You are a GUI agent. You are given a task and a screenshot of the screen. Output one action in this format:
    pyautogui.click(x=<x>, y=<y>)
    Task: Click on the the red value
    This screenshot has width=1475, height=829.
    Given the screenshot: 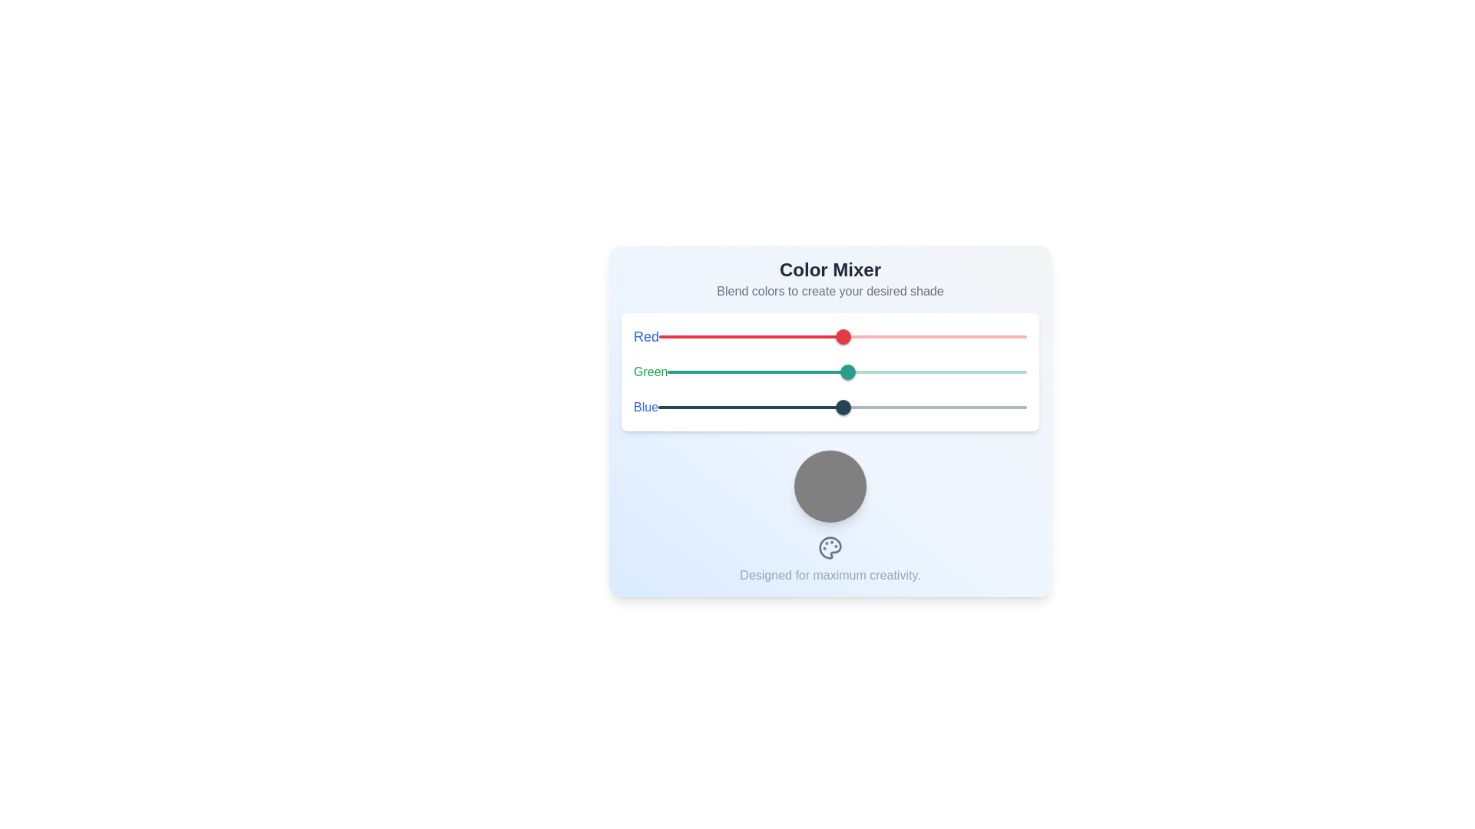 What is the action you would take?
    pyautogui.click(x=850, y=336)
    